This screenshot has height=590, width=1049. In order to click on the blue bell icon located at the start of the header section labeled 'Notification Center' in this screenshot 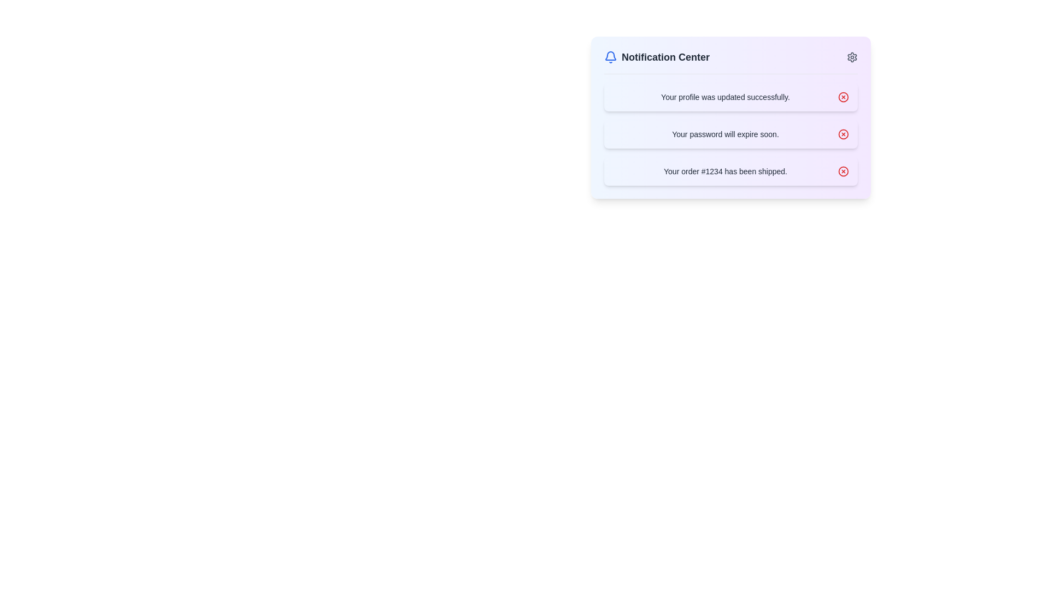, I will do `click(610, 57)`.